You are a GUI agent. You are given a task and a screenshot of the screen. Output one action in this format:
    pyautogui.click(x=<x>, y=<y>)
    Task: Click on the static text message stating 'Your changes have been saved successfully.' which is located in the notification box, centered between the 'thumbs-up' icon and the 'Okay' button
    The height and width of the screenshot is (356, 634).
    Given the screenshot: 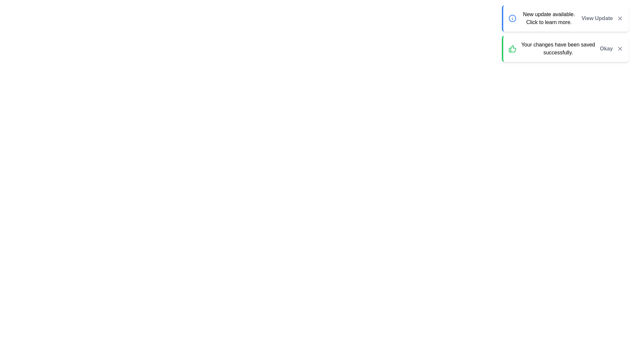 What is the action you would take?
    pyautogui.click(x=558, y=48)
    